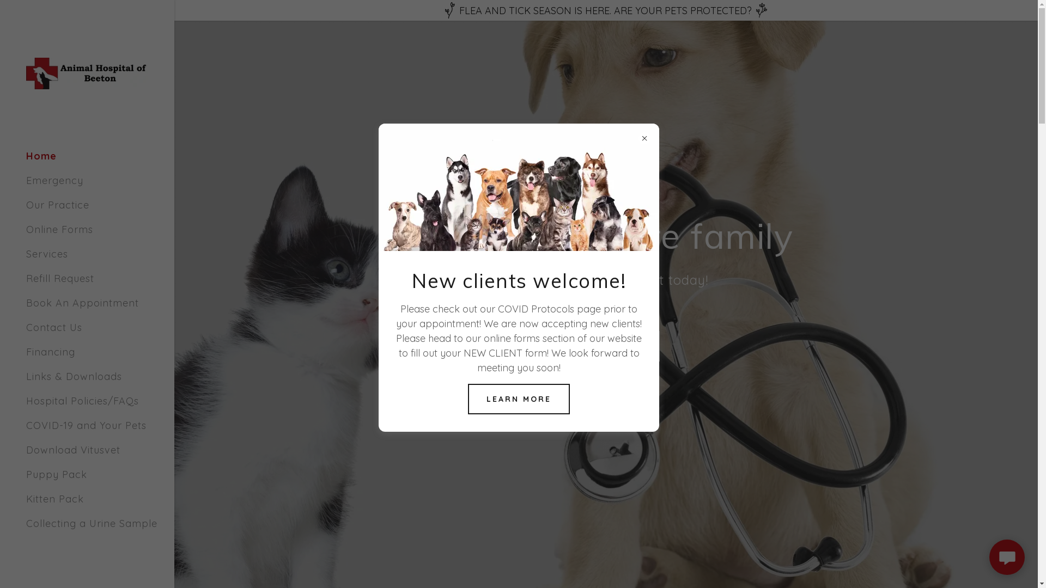 This screenshot has width=1046, height=588. What do you see at coordinates (59, 229) in the screenshot?
I see `'Online Forms'` at bounding box center [59, 229].